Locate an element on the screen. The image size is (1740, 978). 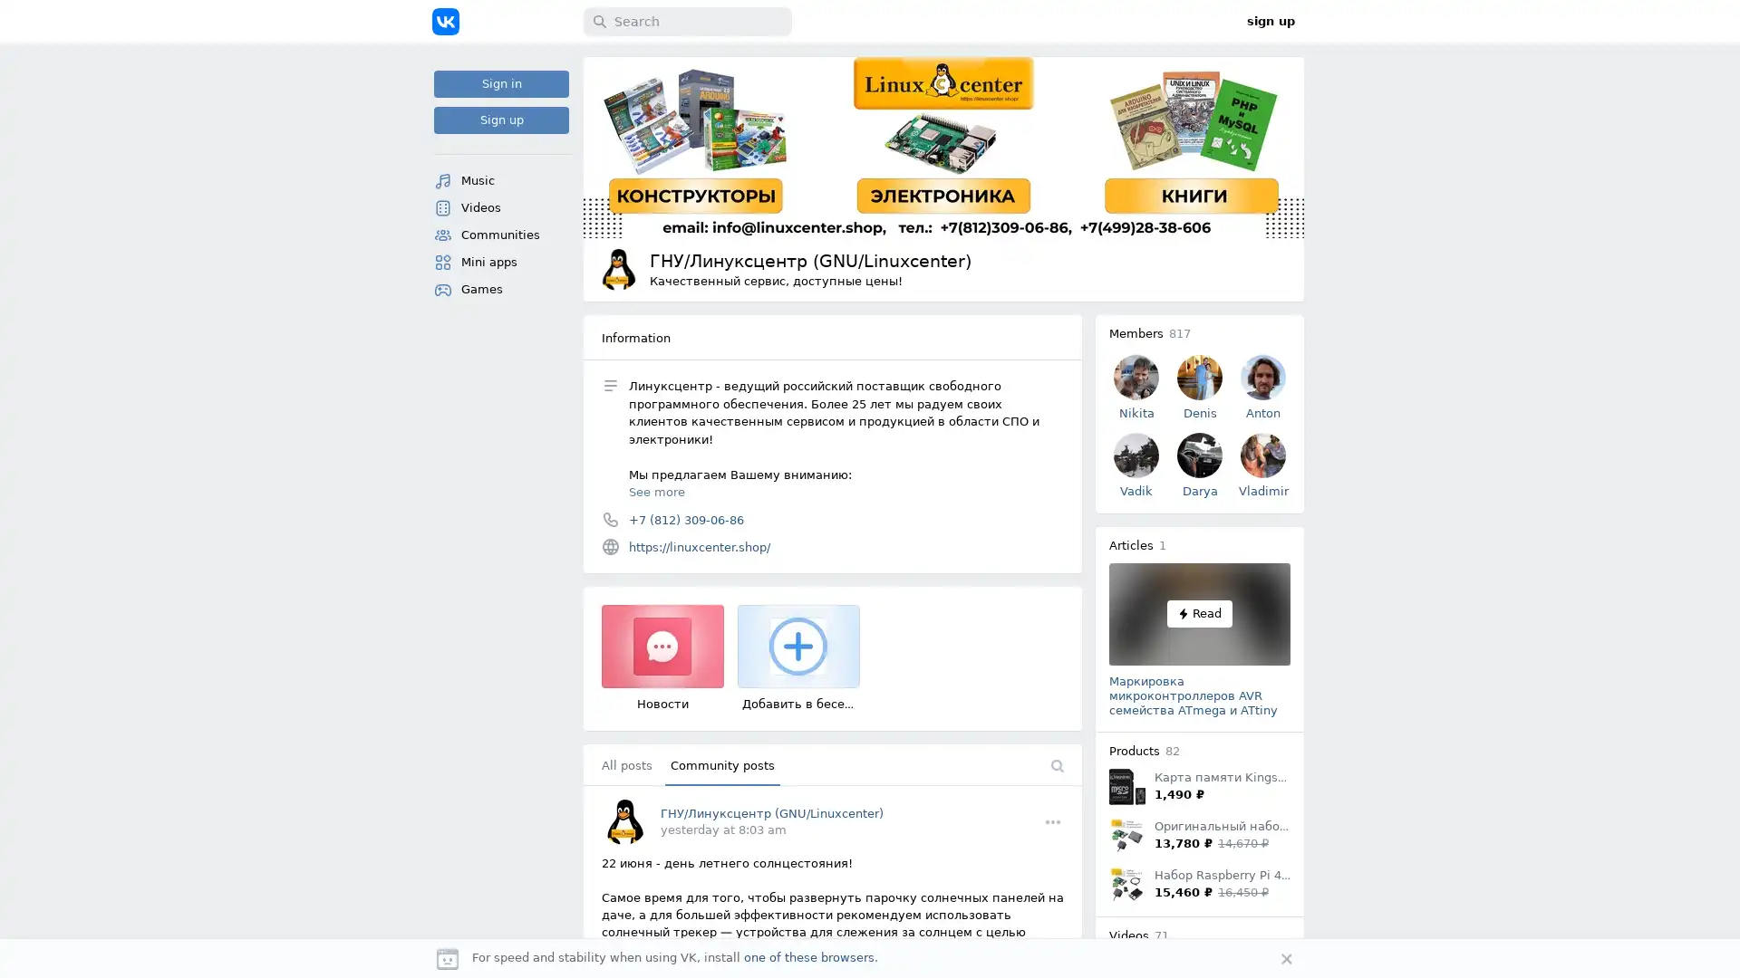
Close is located at coordinates (1286, 958).